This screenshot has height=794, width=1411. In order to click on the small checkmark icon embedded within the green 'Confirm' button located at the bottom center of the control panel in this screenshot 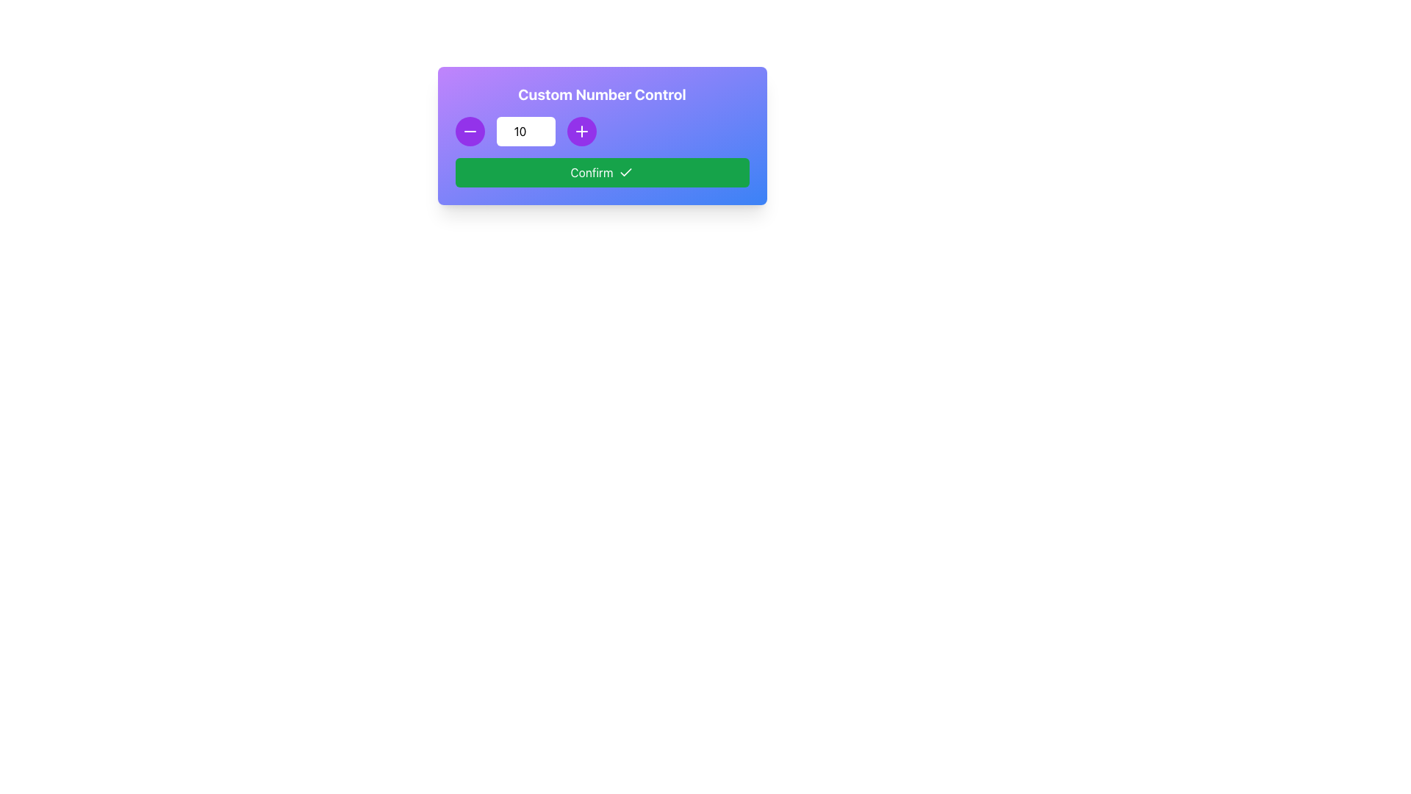, I will do `click(626, 171)`.